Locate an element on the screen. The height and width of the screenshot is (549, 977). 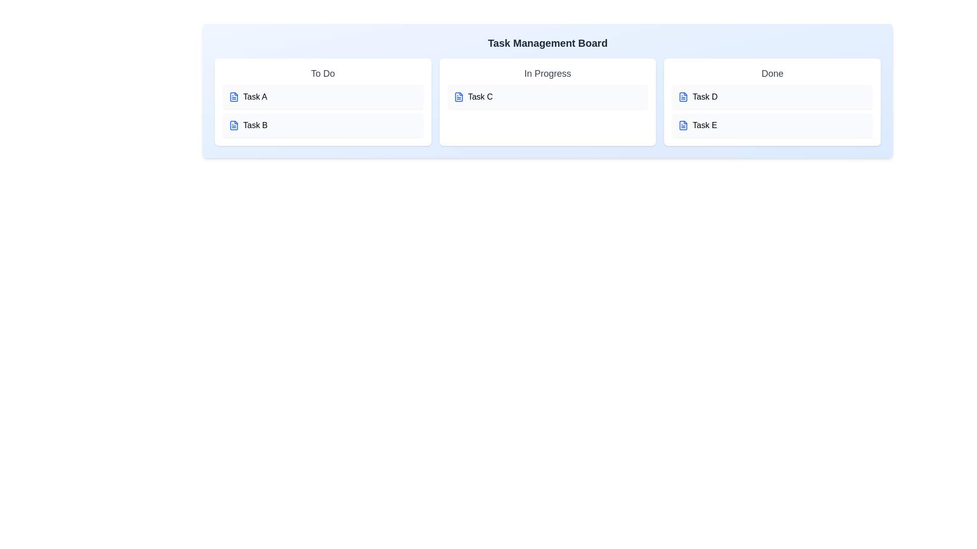
the header of the task list 'To Do' to edit the title is located at coordinates (322, 73).